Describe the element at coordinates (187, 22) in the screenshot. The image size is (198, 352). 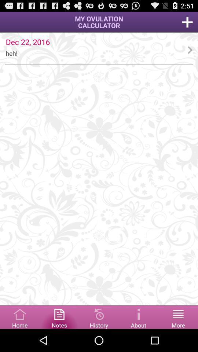
I see `menu page` at that location.